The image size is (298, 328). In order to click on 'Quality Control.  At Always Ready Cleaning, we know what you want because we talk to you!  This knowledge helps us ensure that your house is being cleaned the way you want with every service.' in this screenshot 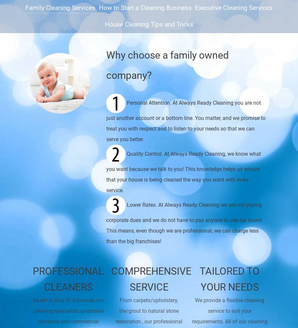, I will do `click(106, 171)`.